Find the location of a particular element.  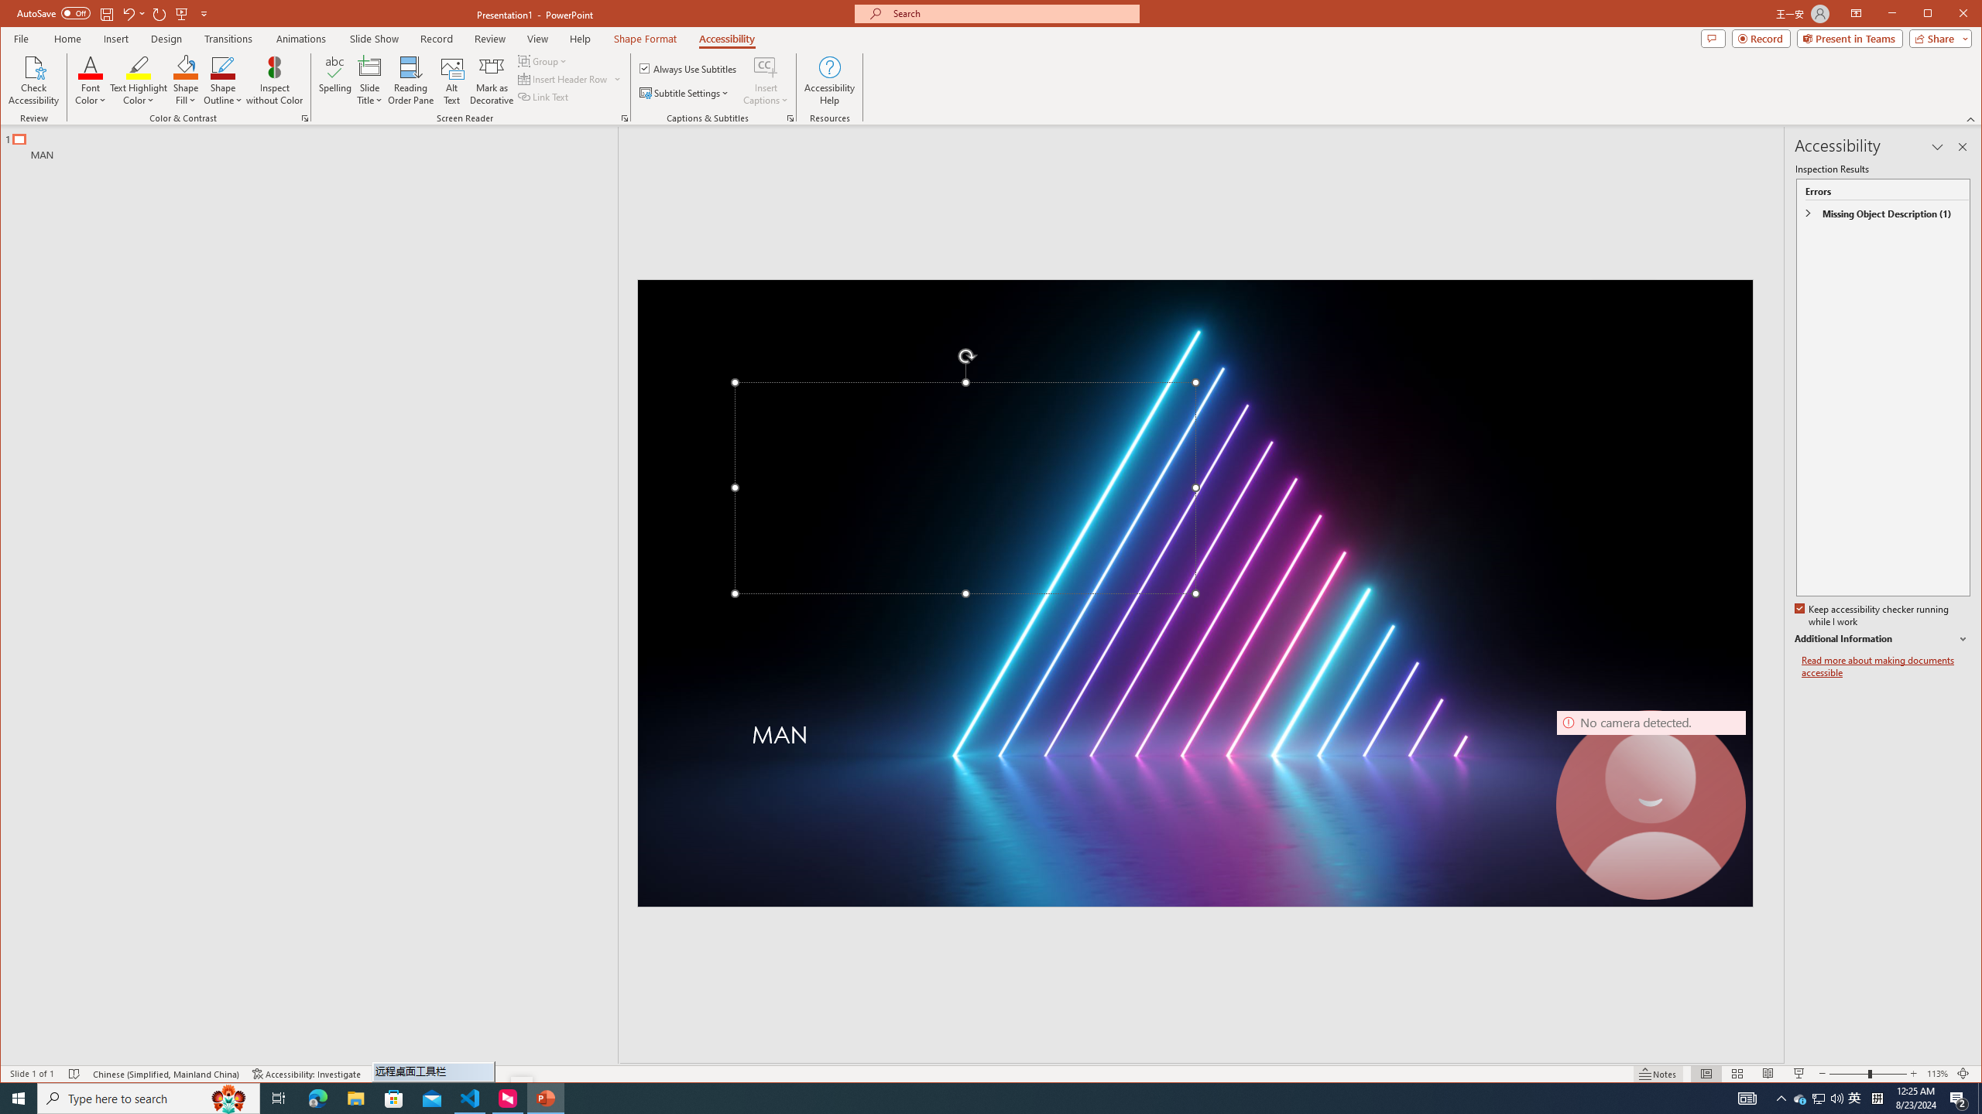

'Slide Title' is located at coordinates (369, 80).